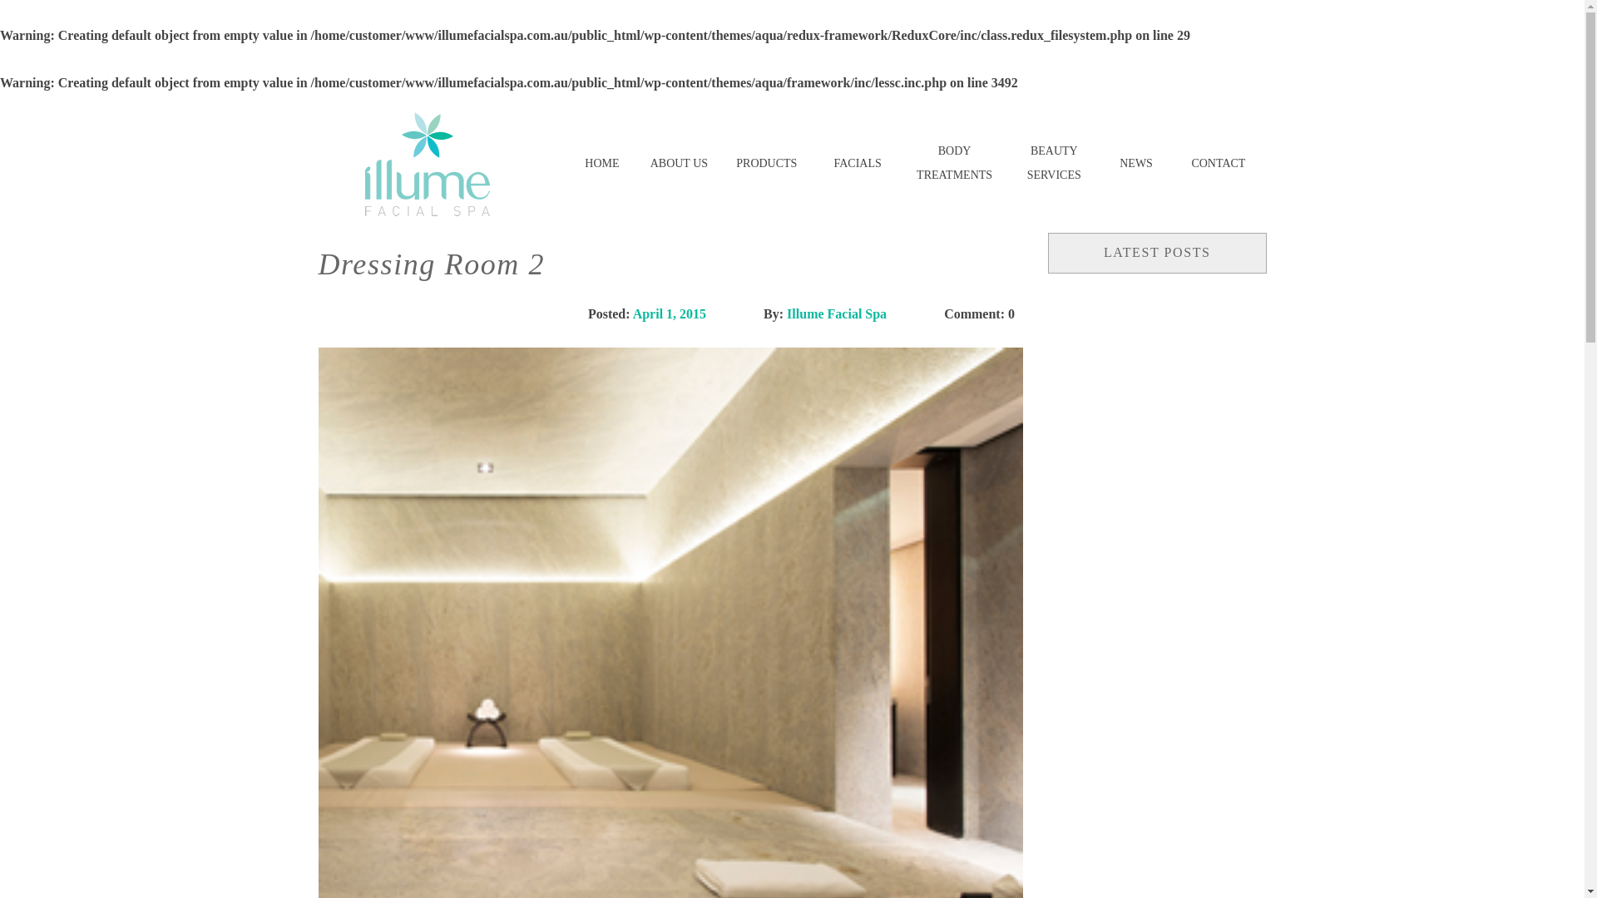 The image size is (1597, 898). Describe the element at coordinates (1008, 164) in the screenshot. I see `'BEAUTY SERVICES'` at that location.